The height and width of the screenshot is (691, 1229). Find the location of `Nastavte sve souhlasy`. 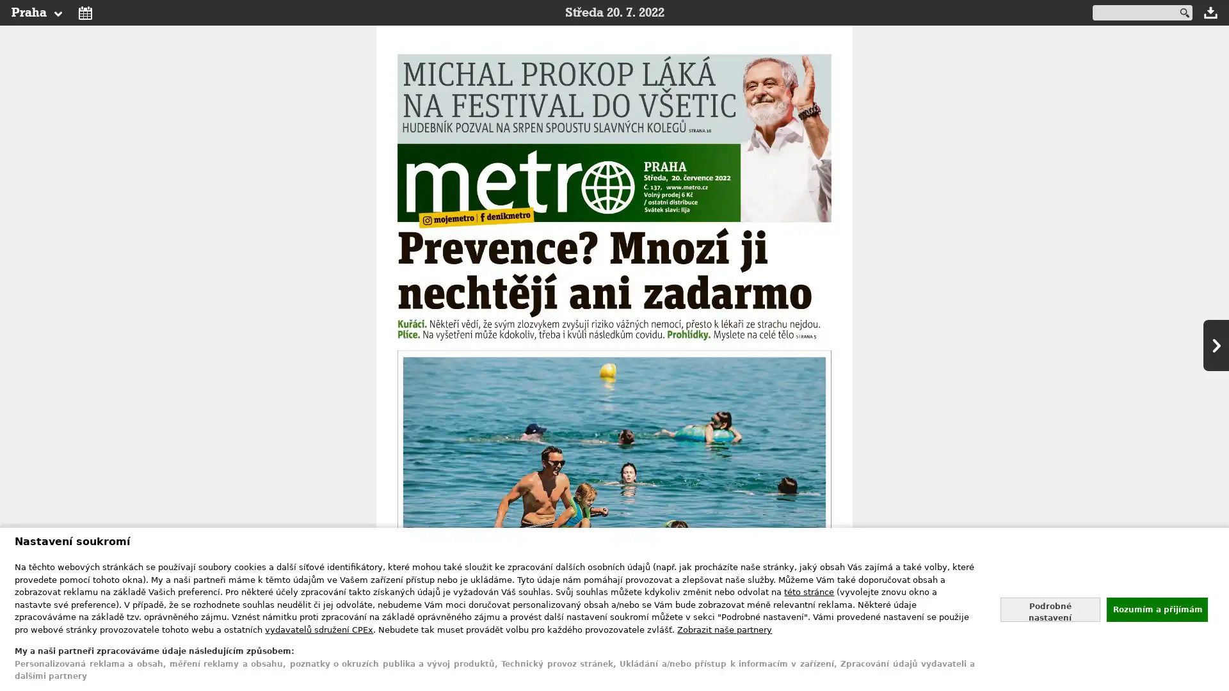

Nastavte sve souhlasy is located at coordinates (1050, 608).